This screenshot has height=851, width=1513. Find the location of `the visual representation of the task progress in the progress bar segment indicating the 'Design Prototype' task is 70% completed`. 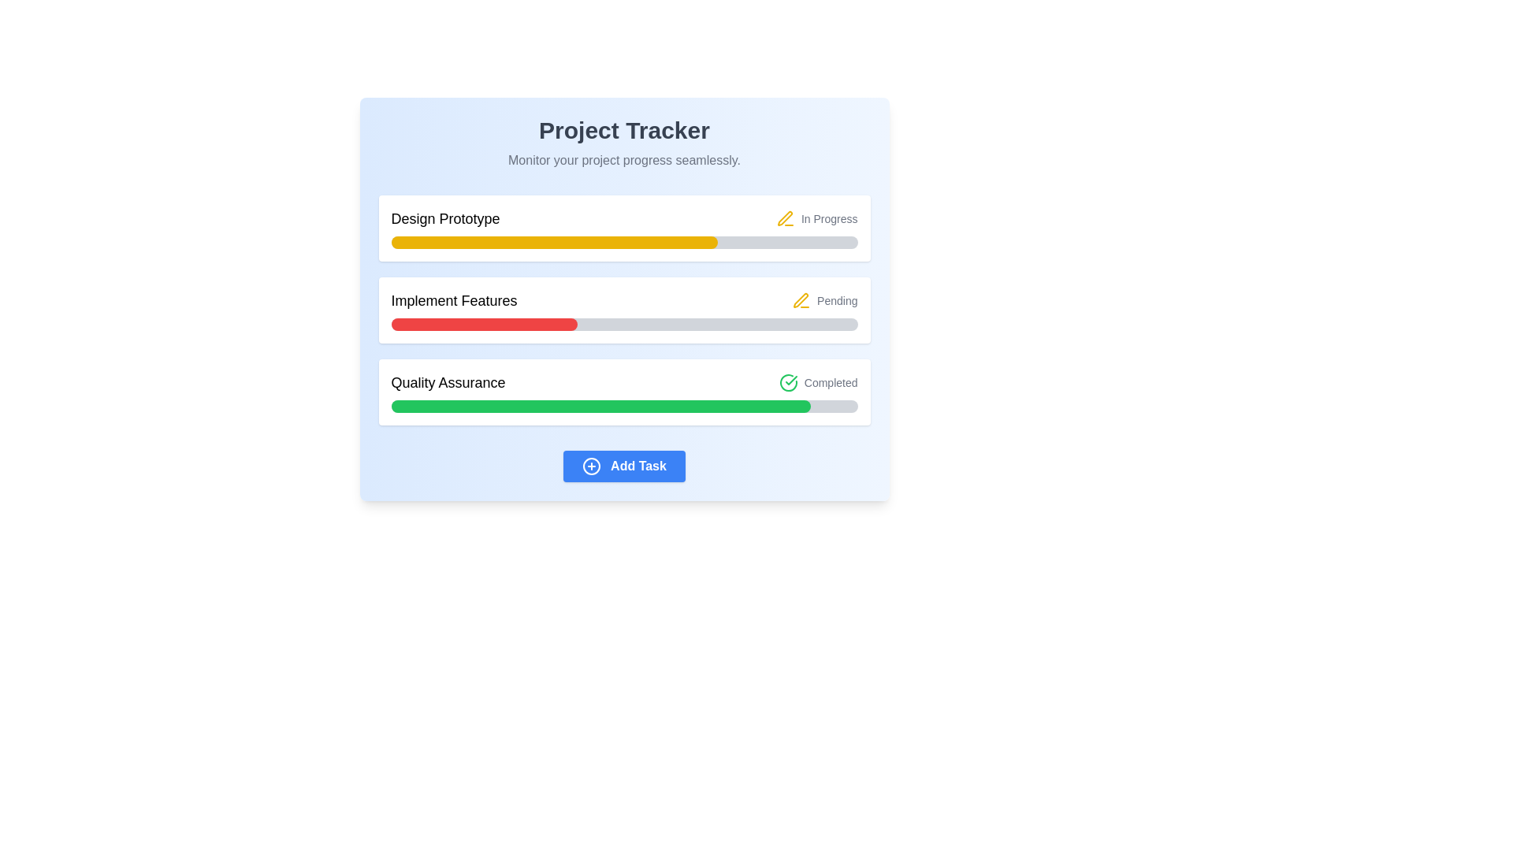

the visual representation of the task progress in the progress bar segment indicating the 'Design Prototype' task is 70% completed is located at coordinates (554, 243).